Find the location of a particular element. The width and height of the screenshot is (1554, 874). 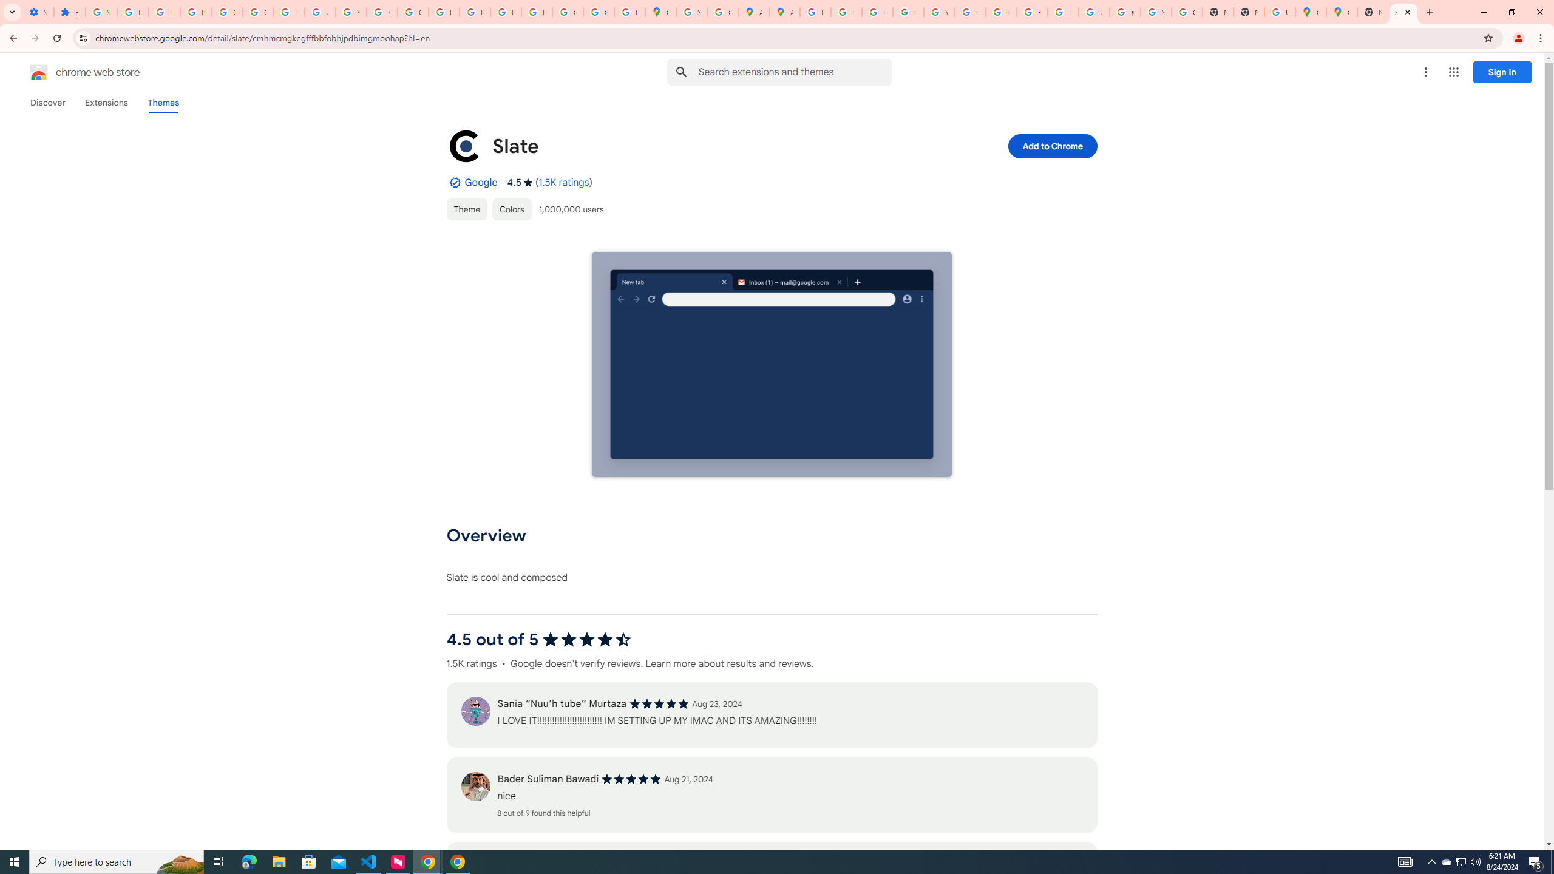

'New Tab' is located at coordinates (1247, 12).